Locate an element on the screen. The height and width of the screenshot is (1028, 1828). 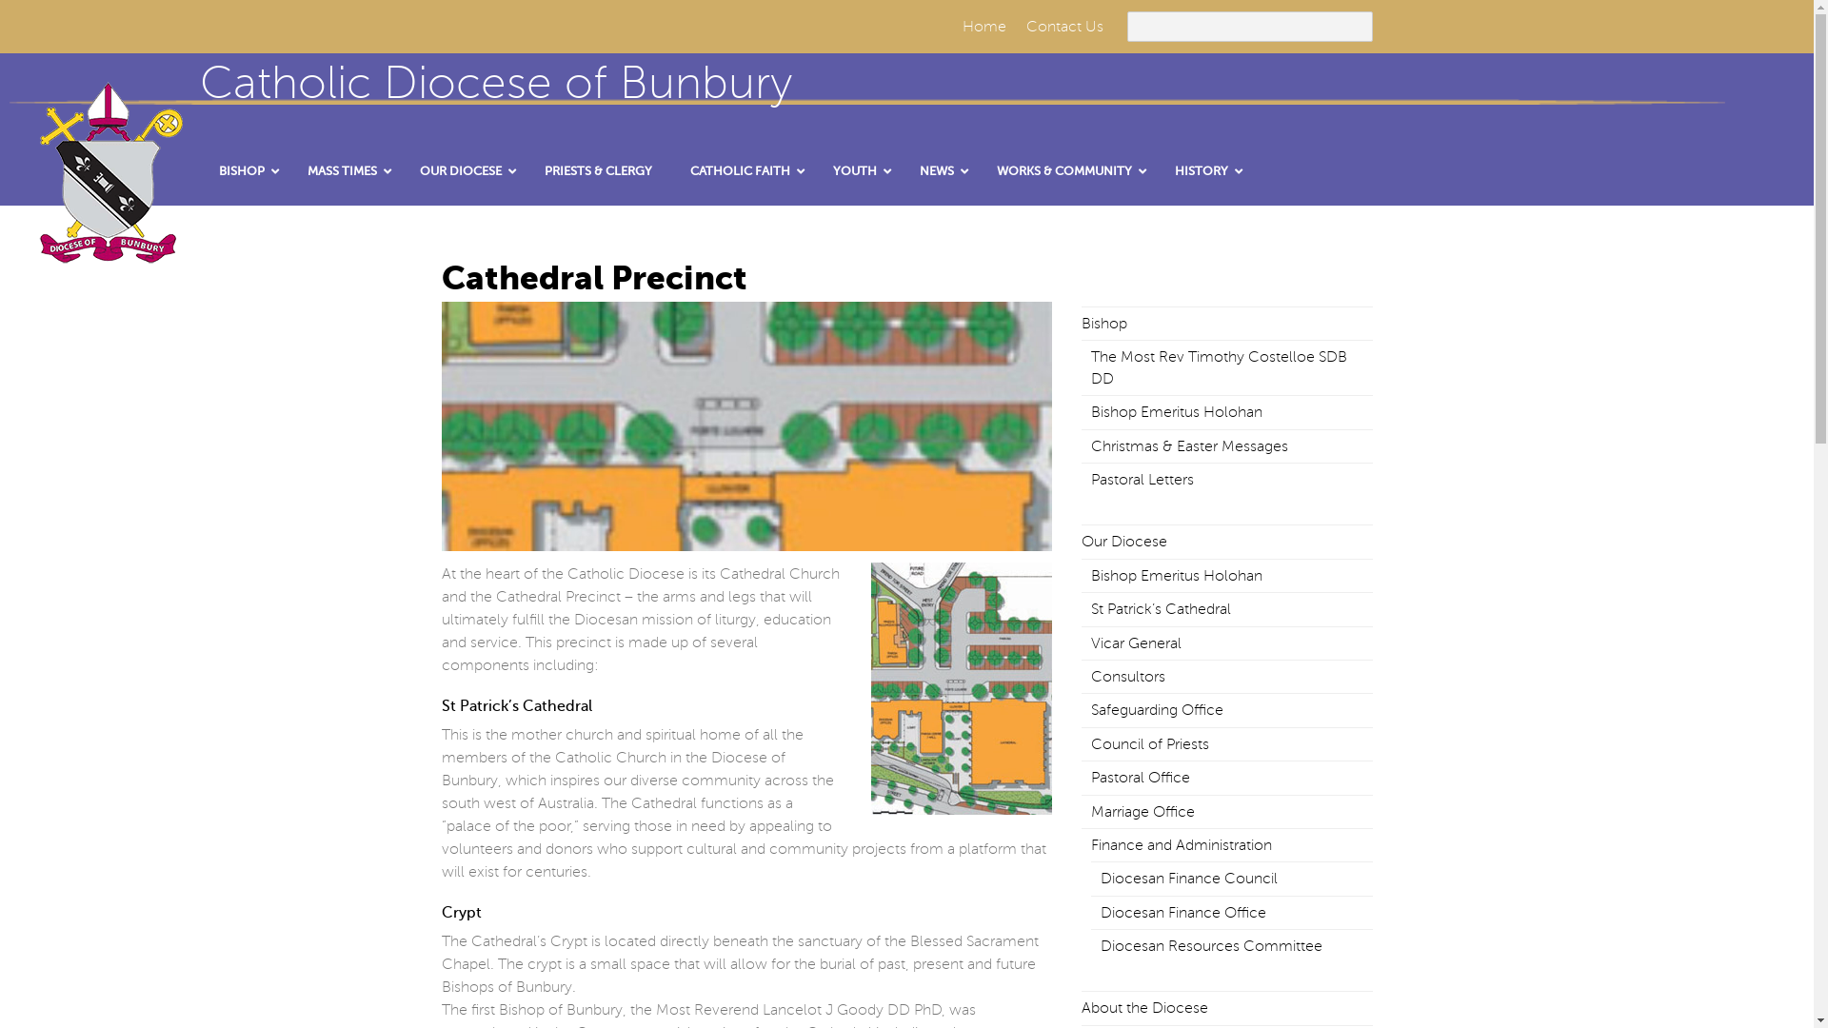
'BISHOP' is located at coordinates (243, 169).